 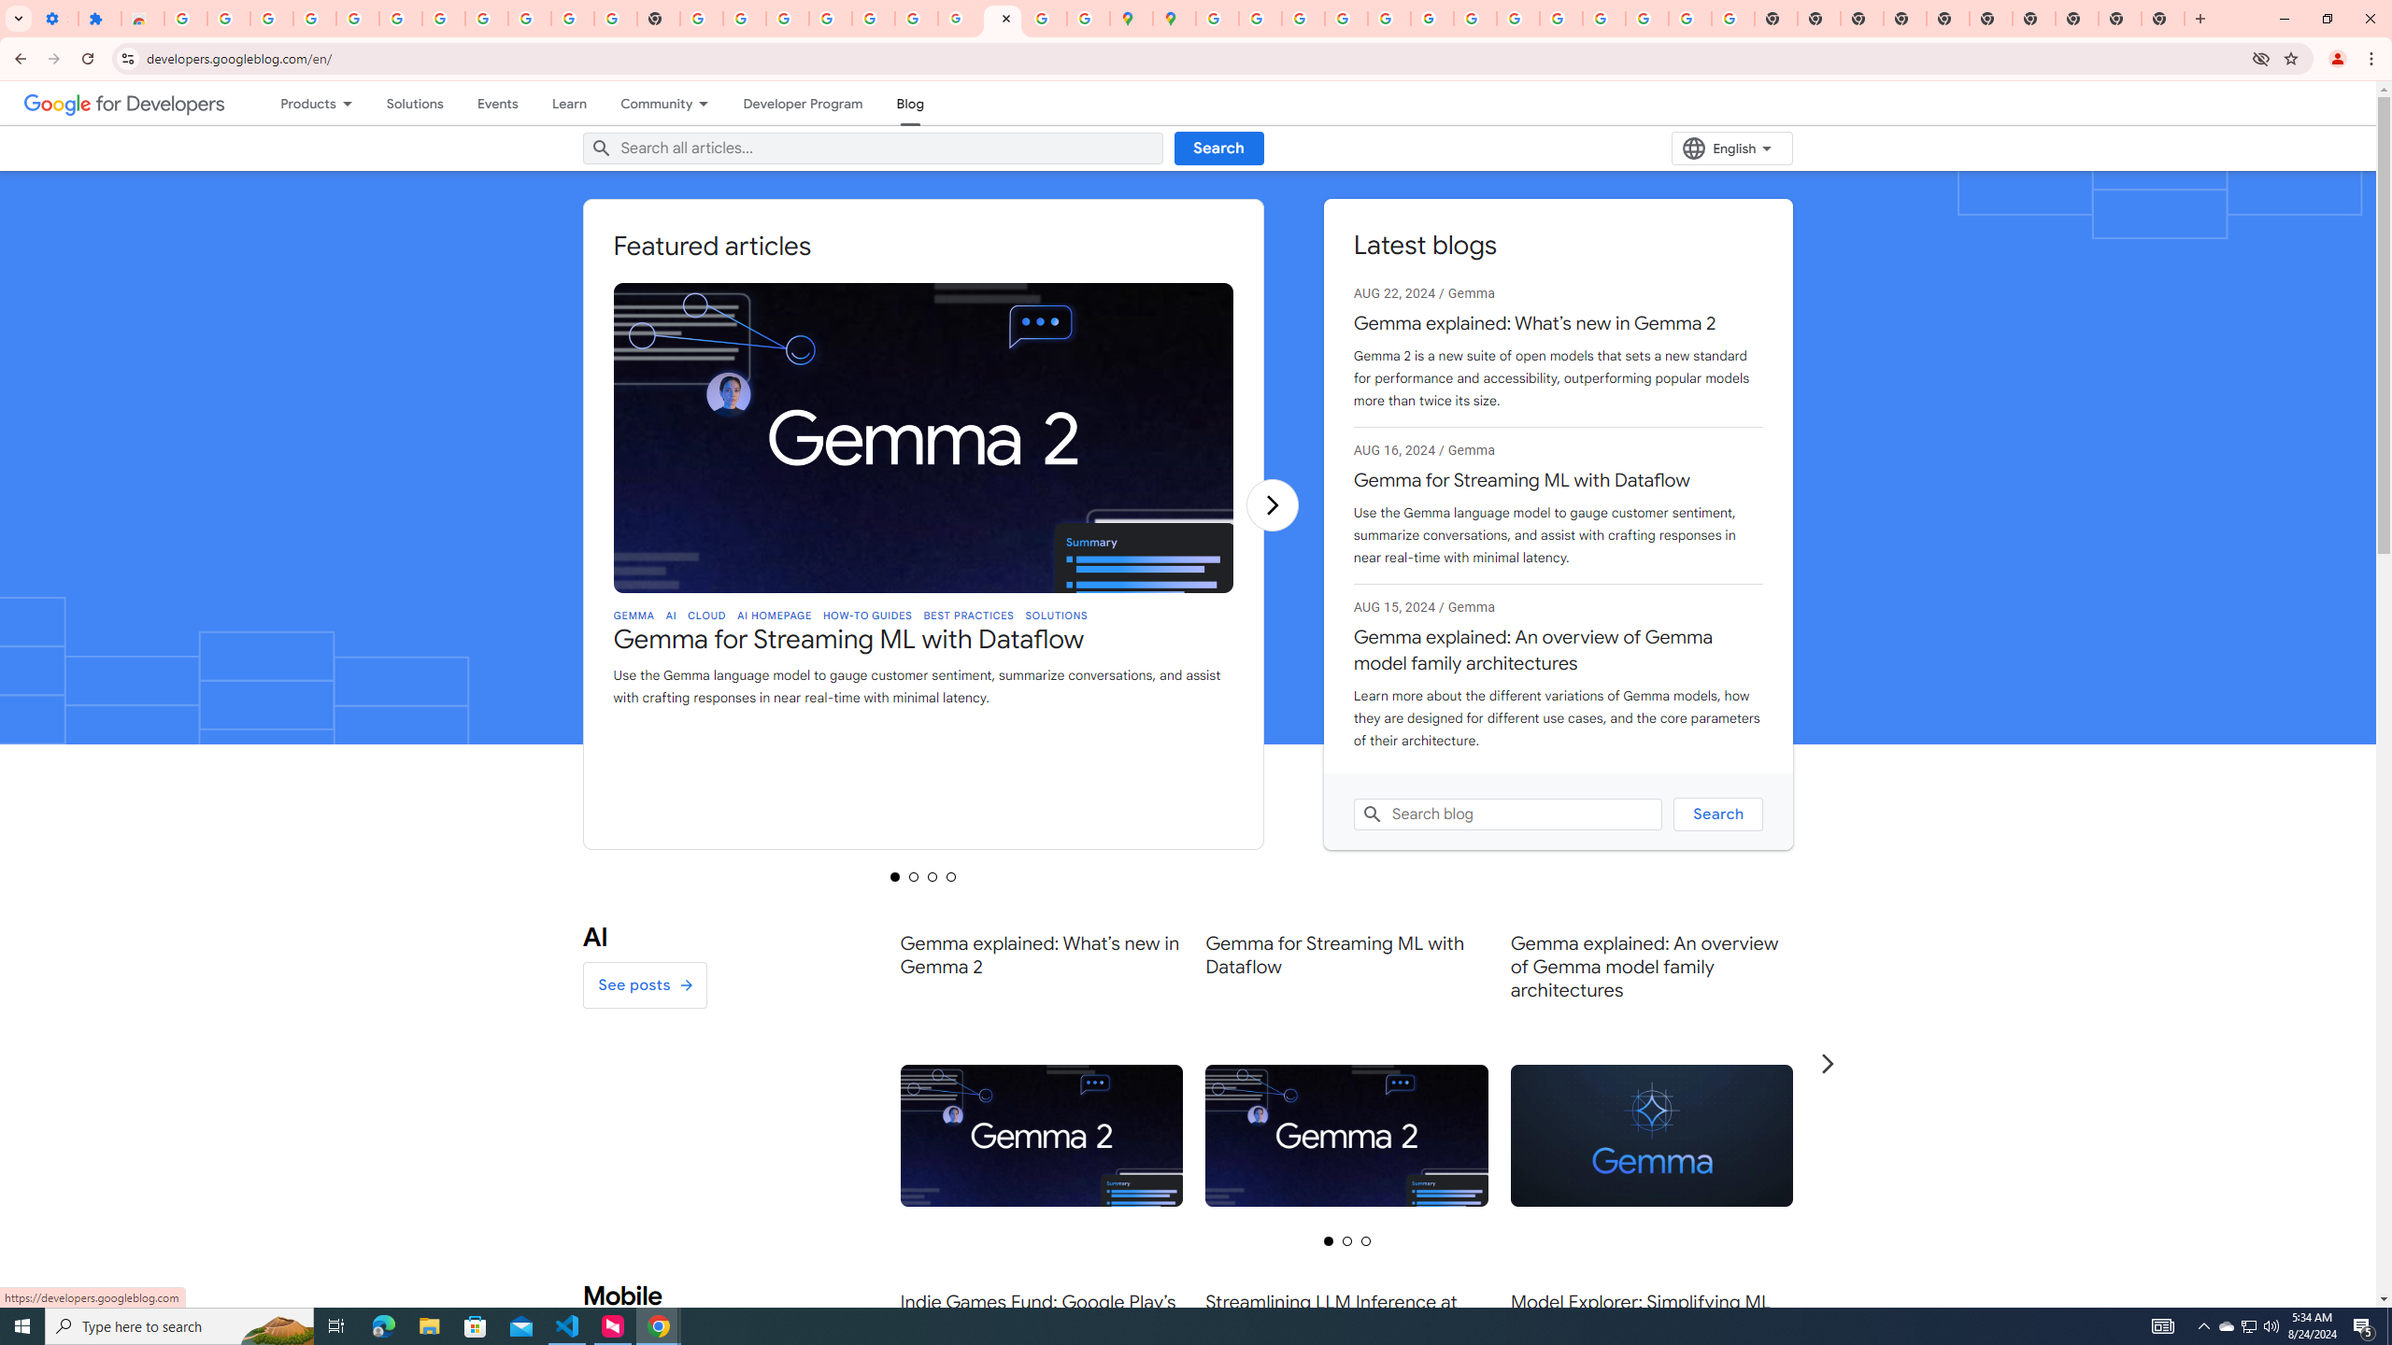 I want to click on 'Sign in - Google Accounts', so click(x=184, y=18).